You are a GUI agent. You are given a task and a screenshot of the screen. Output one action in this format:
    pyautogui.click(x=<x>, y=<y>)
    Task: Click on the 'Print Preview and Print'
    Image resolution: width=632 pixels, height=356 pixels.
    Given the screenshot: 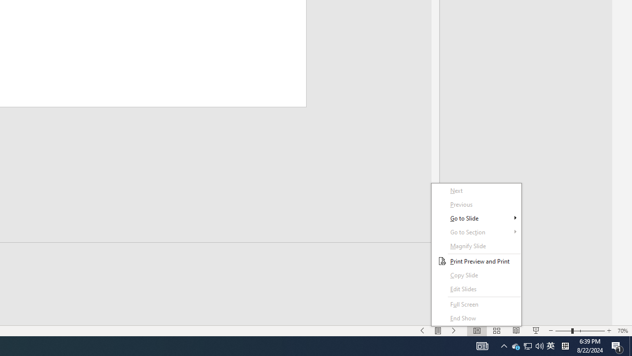 What is the action you would take?
    pyautogui.click(x=476, y=261)
    